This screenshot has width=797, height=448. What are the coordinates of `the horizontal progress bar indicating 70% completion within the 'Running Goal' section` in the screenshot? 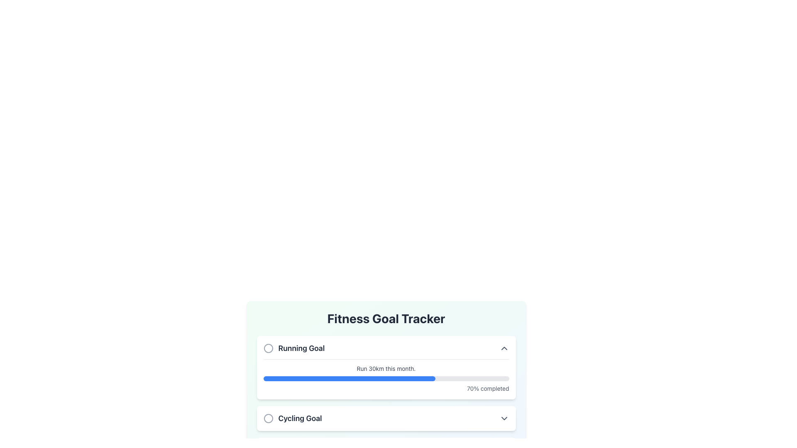 It's located at (386, 379).